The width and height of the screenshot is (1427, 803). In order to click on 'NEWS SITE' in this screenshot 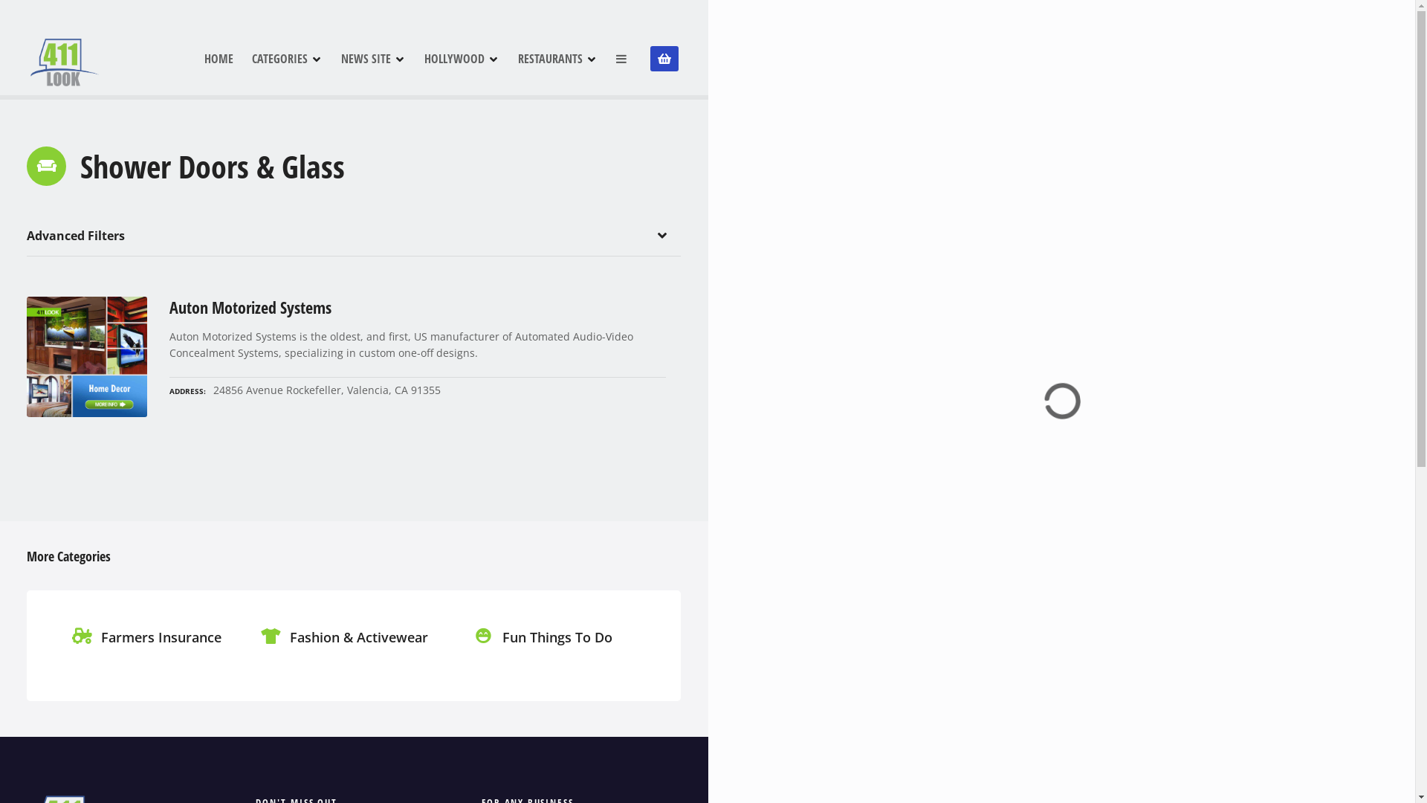, I will do `click(372, 57)`.